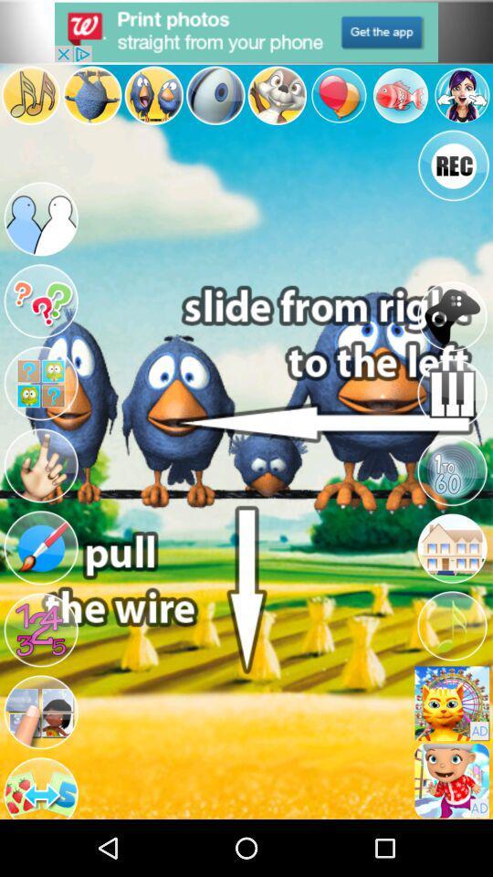  Describe the element at coordinates (40, 762) in the screenshot. I see `the avatar icon` at that location.